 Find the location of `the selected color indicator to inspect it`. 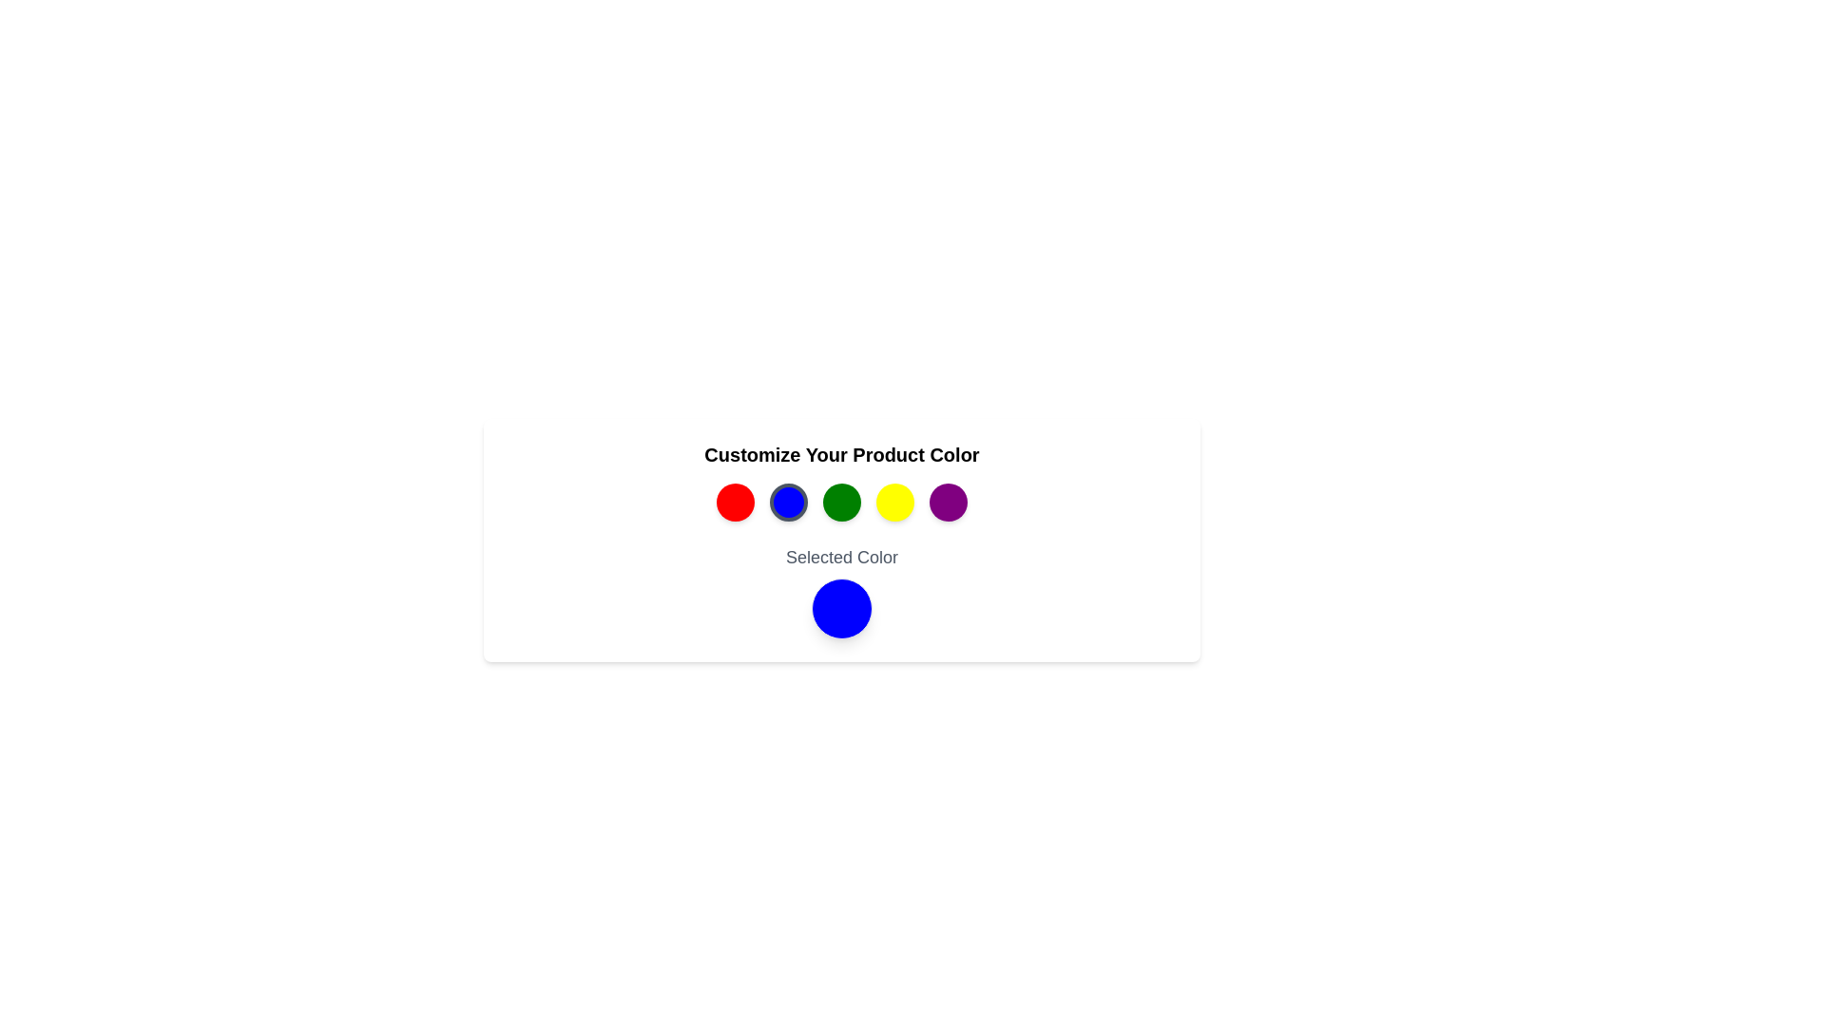

the selected color indicator to inspect it is located at coordinates (841, 608).